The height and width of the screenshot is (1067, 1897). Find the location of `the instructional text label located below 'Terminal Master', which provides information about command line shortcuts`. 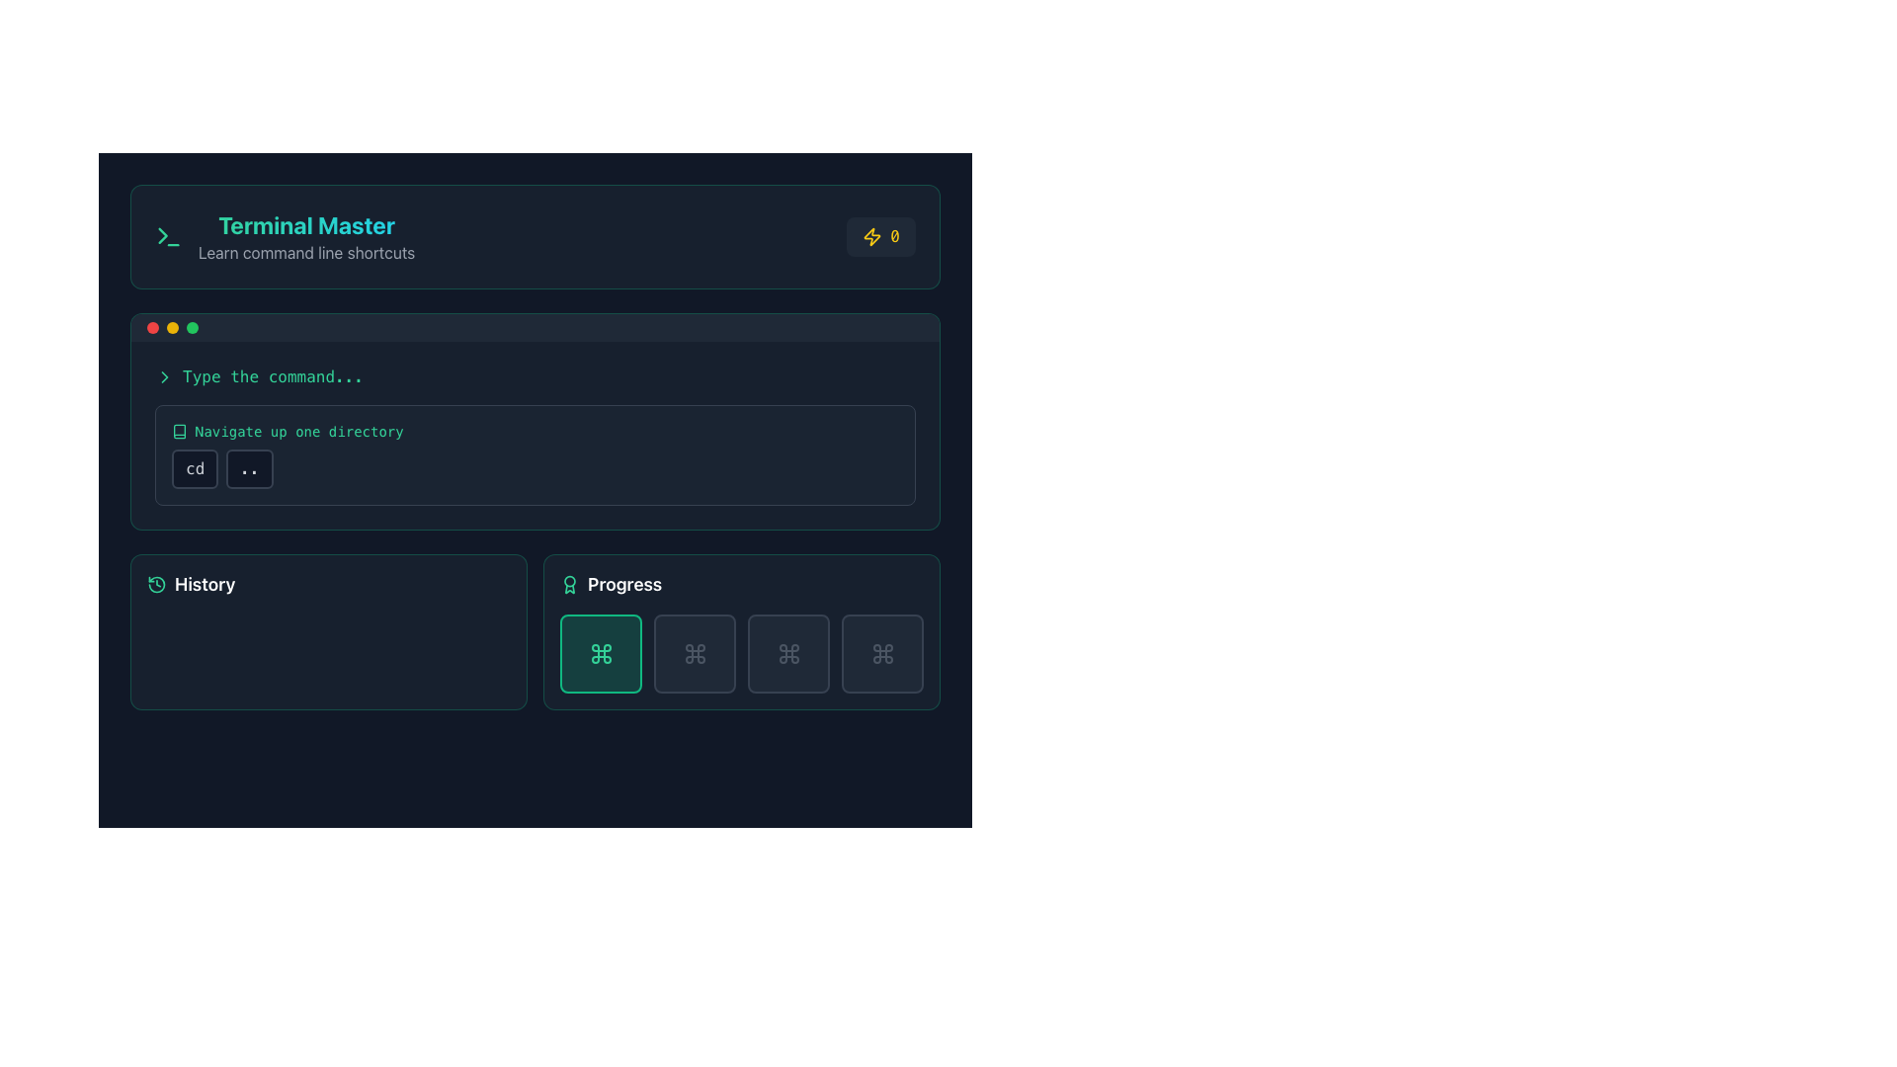

the instructional text label located below 'Terminal Master', which provides information about command line shortcuts is located at coordinates (305, 251).